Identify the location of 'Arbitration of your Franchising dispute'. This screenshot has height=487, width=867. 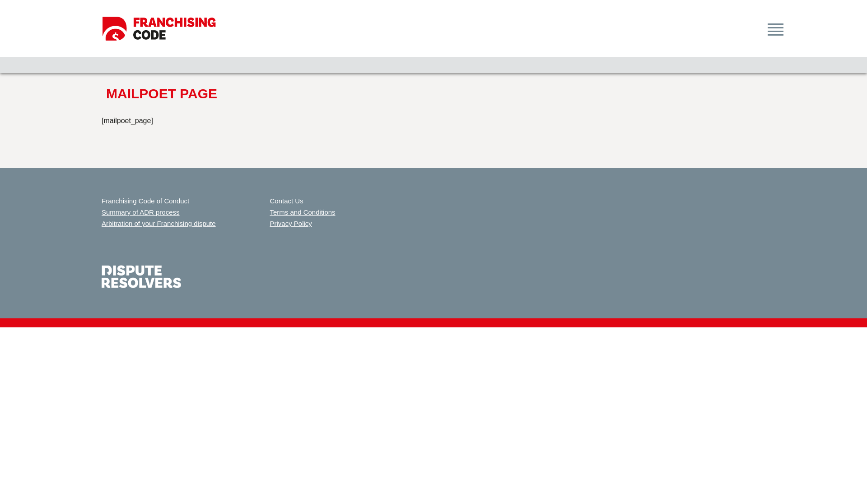
(158, 223).